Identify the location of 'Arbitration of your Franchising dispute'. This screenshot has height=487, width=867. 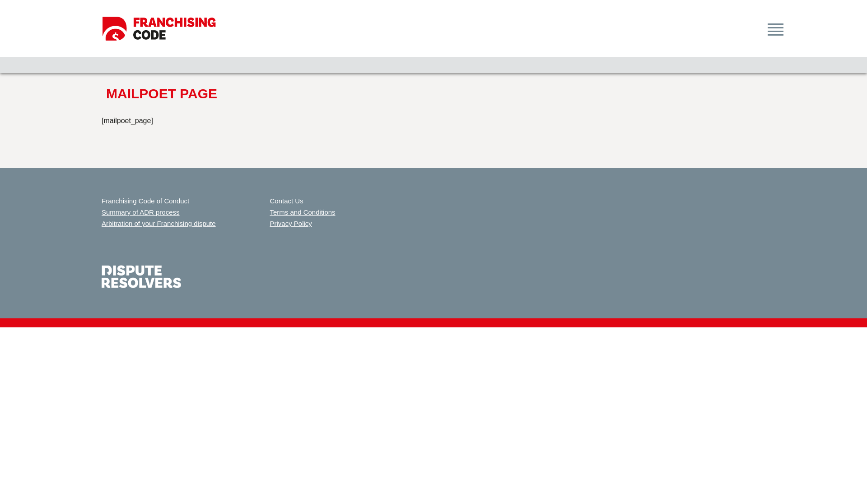
(158, 223).